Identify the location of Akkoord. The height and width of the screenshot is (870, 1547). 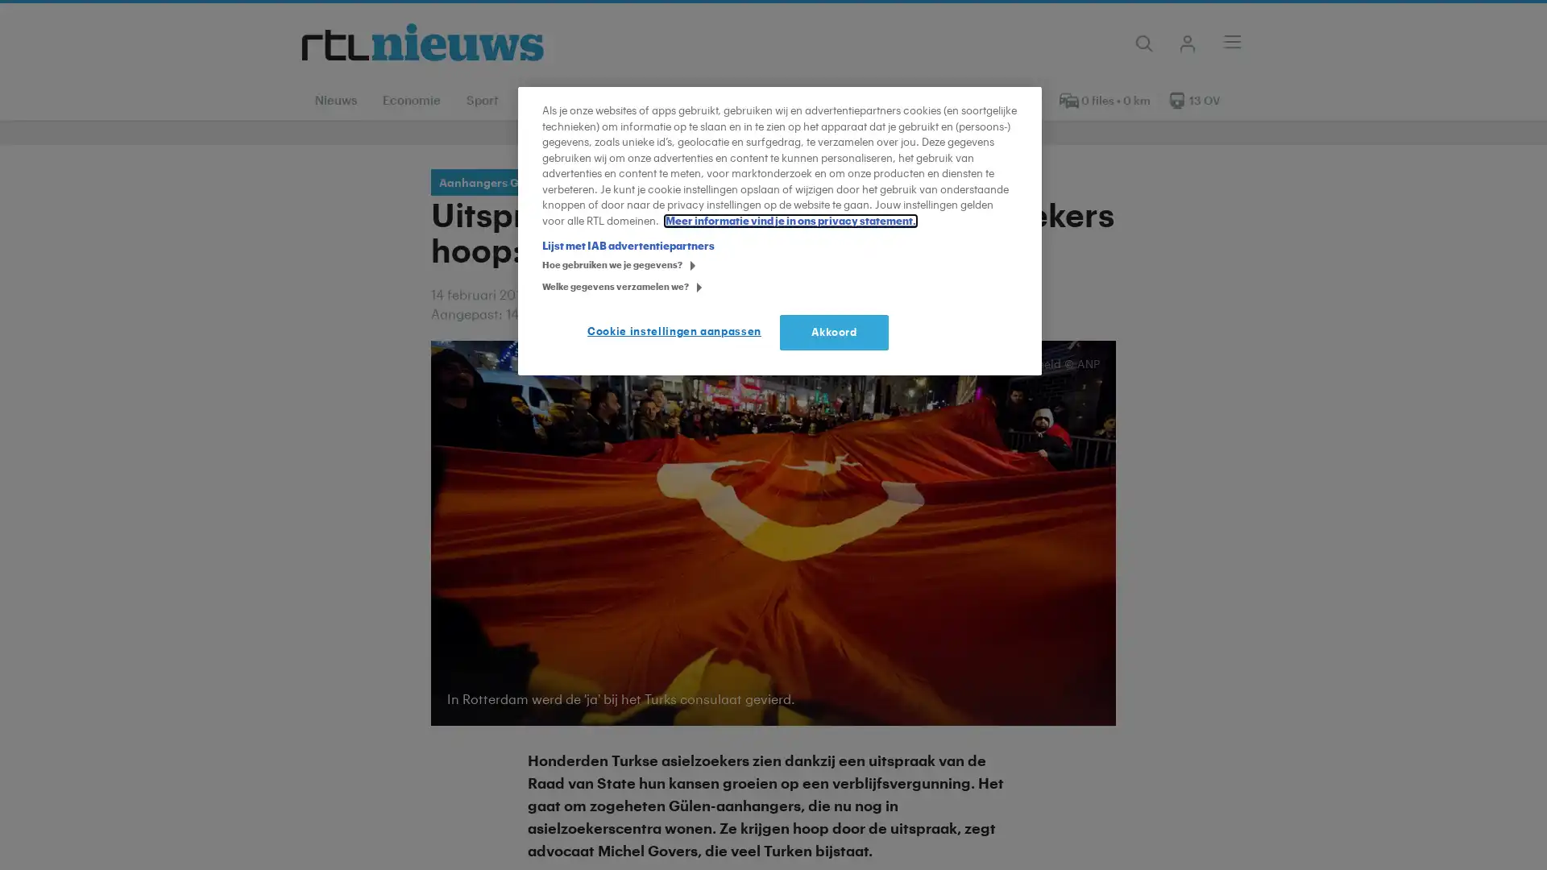
(834, 331).